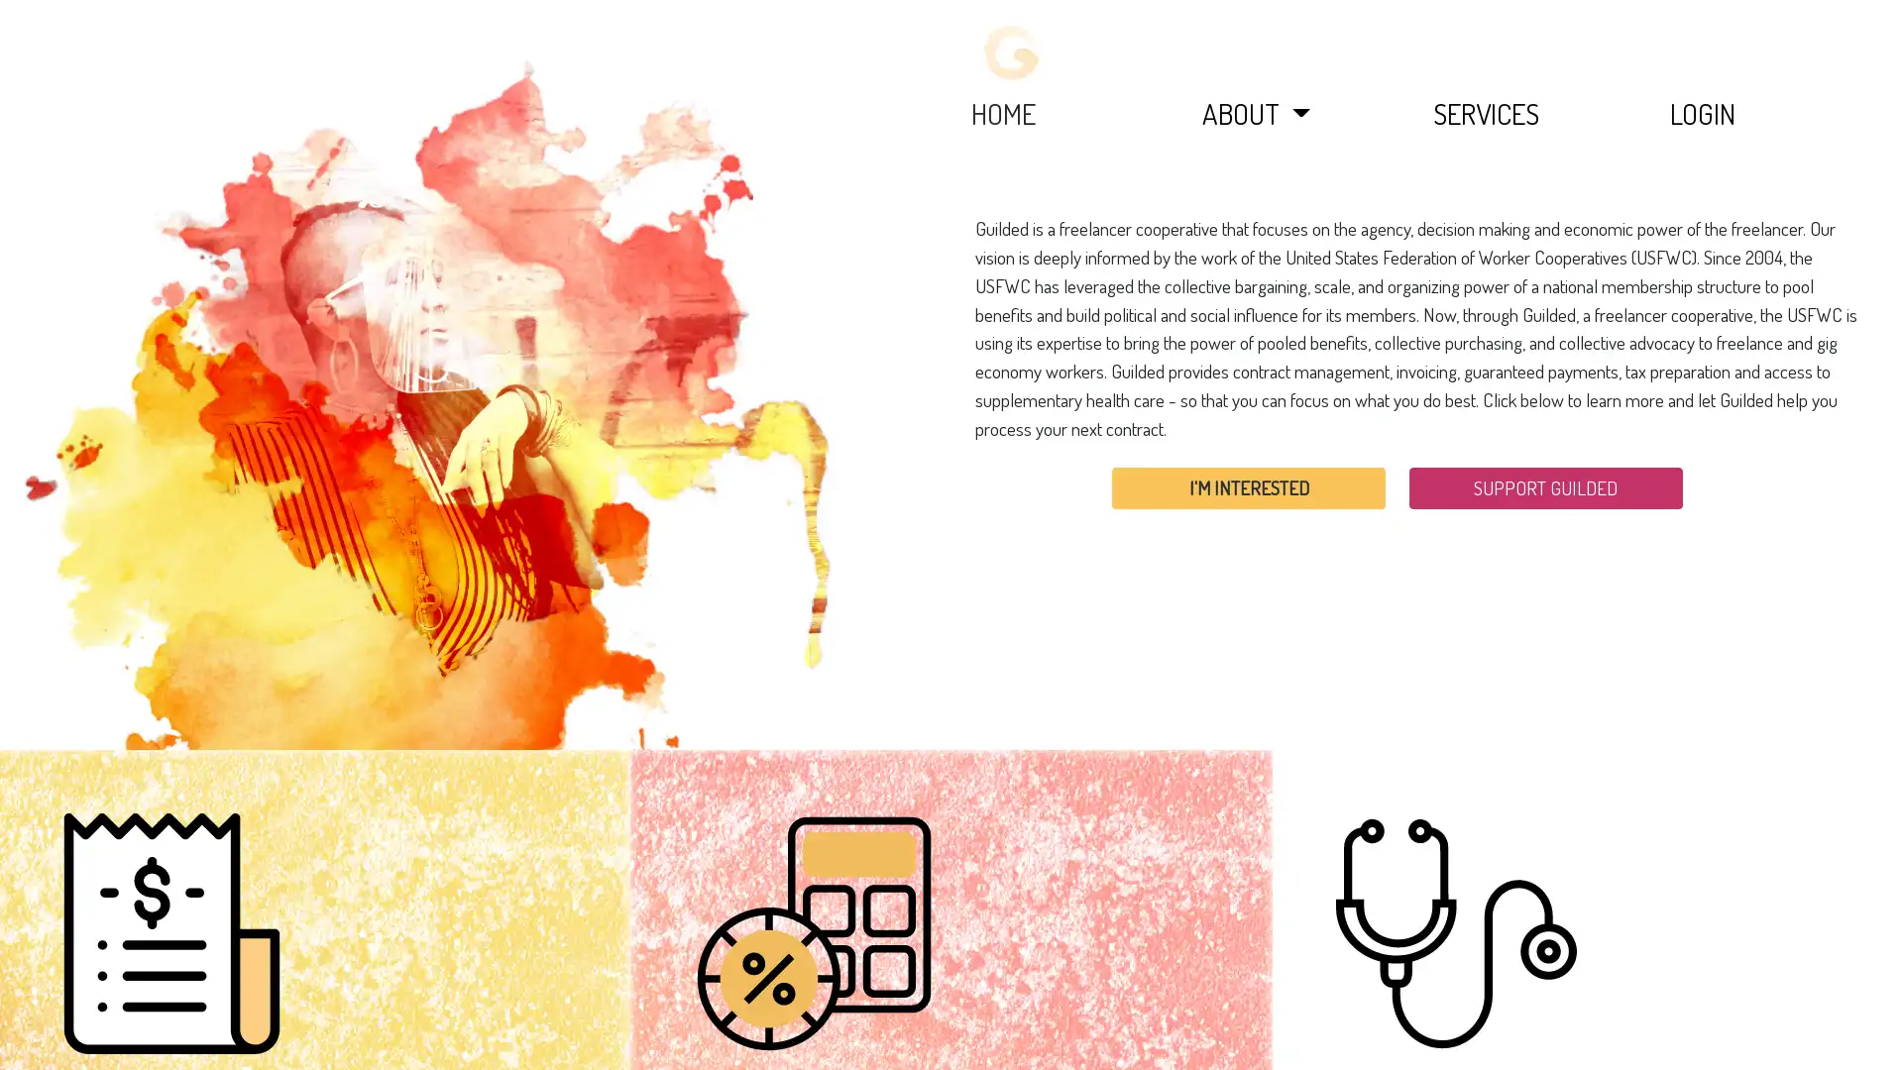 Image resolution: width=1903 pixels, height=1070 pixels. I want to click on Toggle navigation, so click(1012, 53).